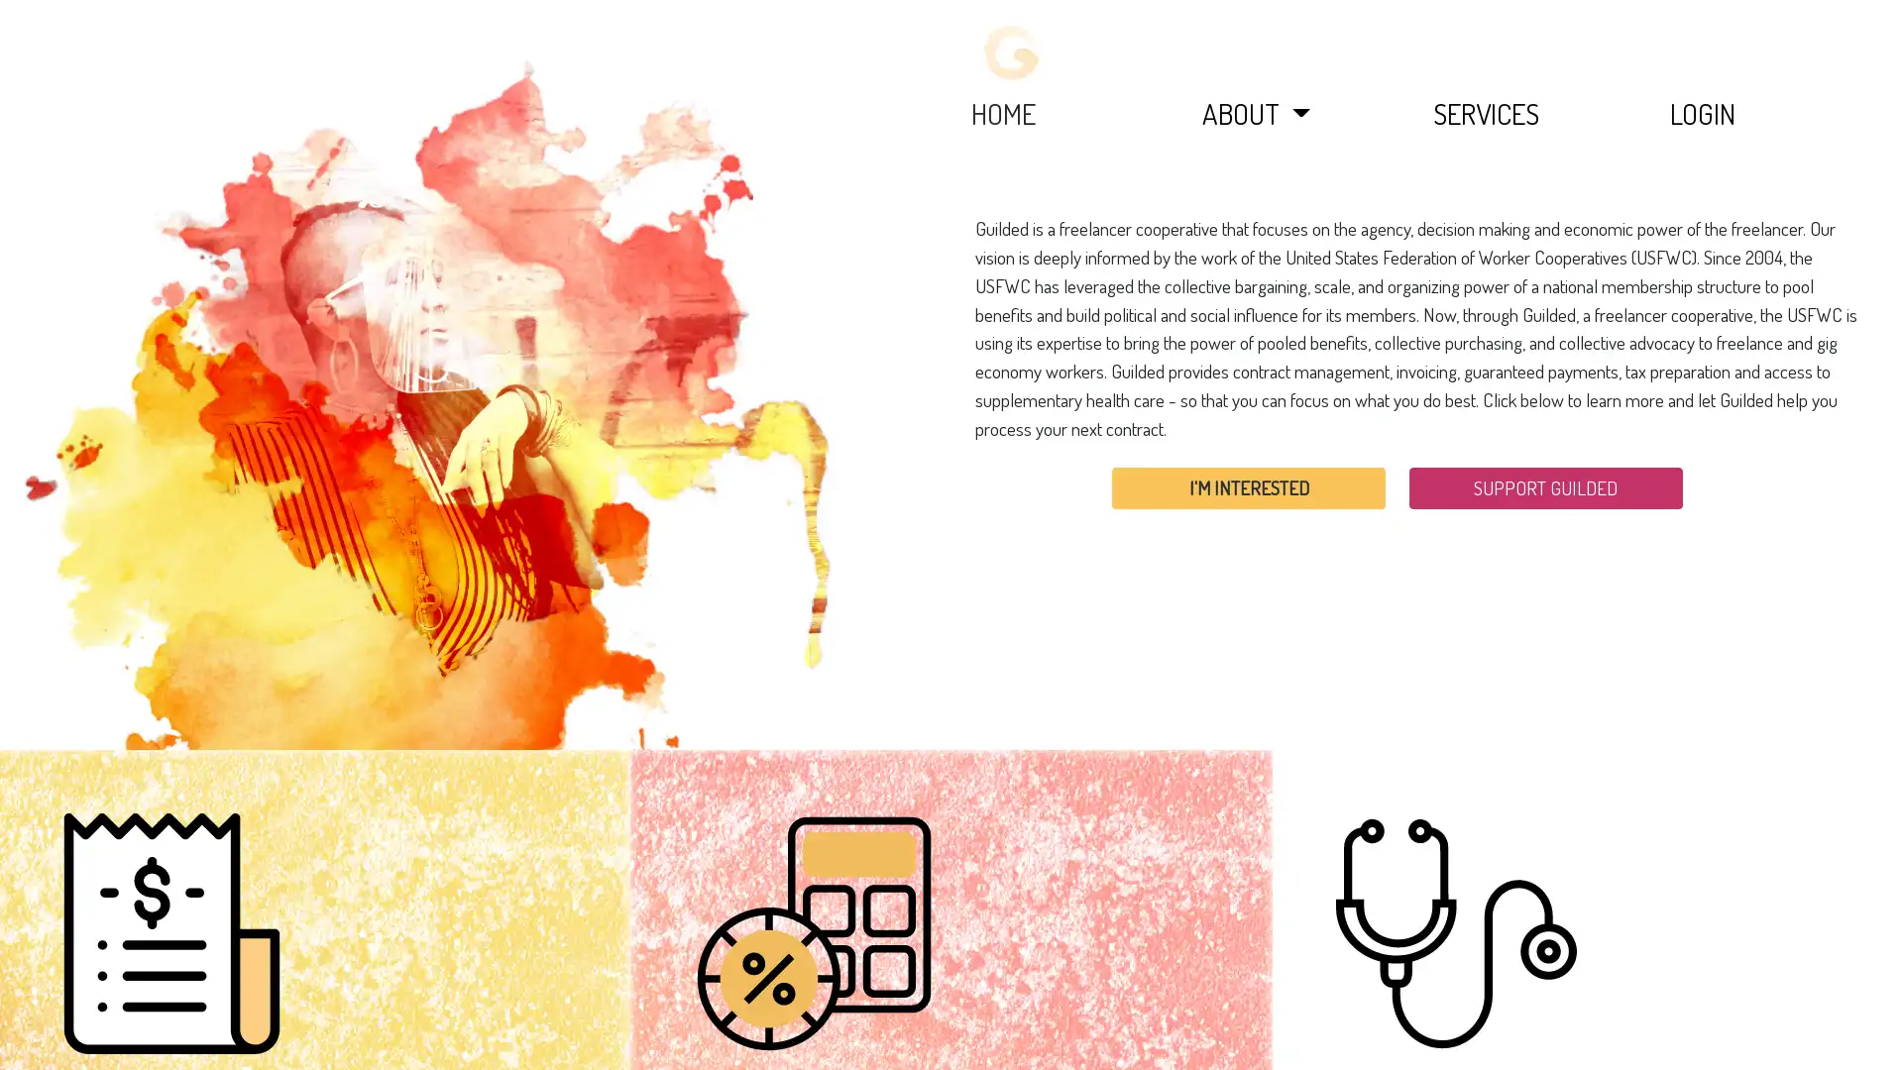 Image resolution: width=1903 pixels, height=1070 pixels. I want to click on Toggle navigation, so click(1012, 53).